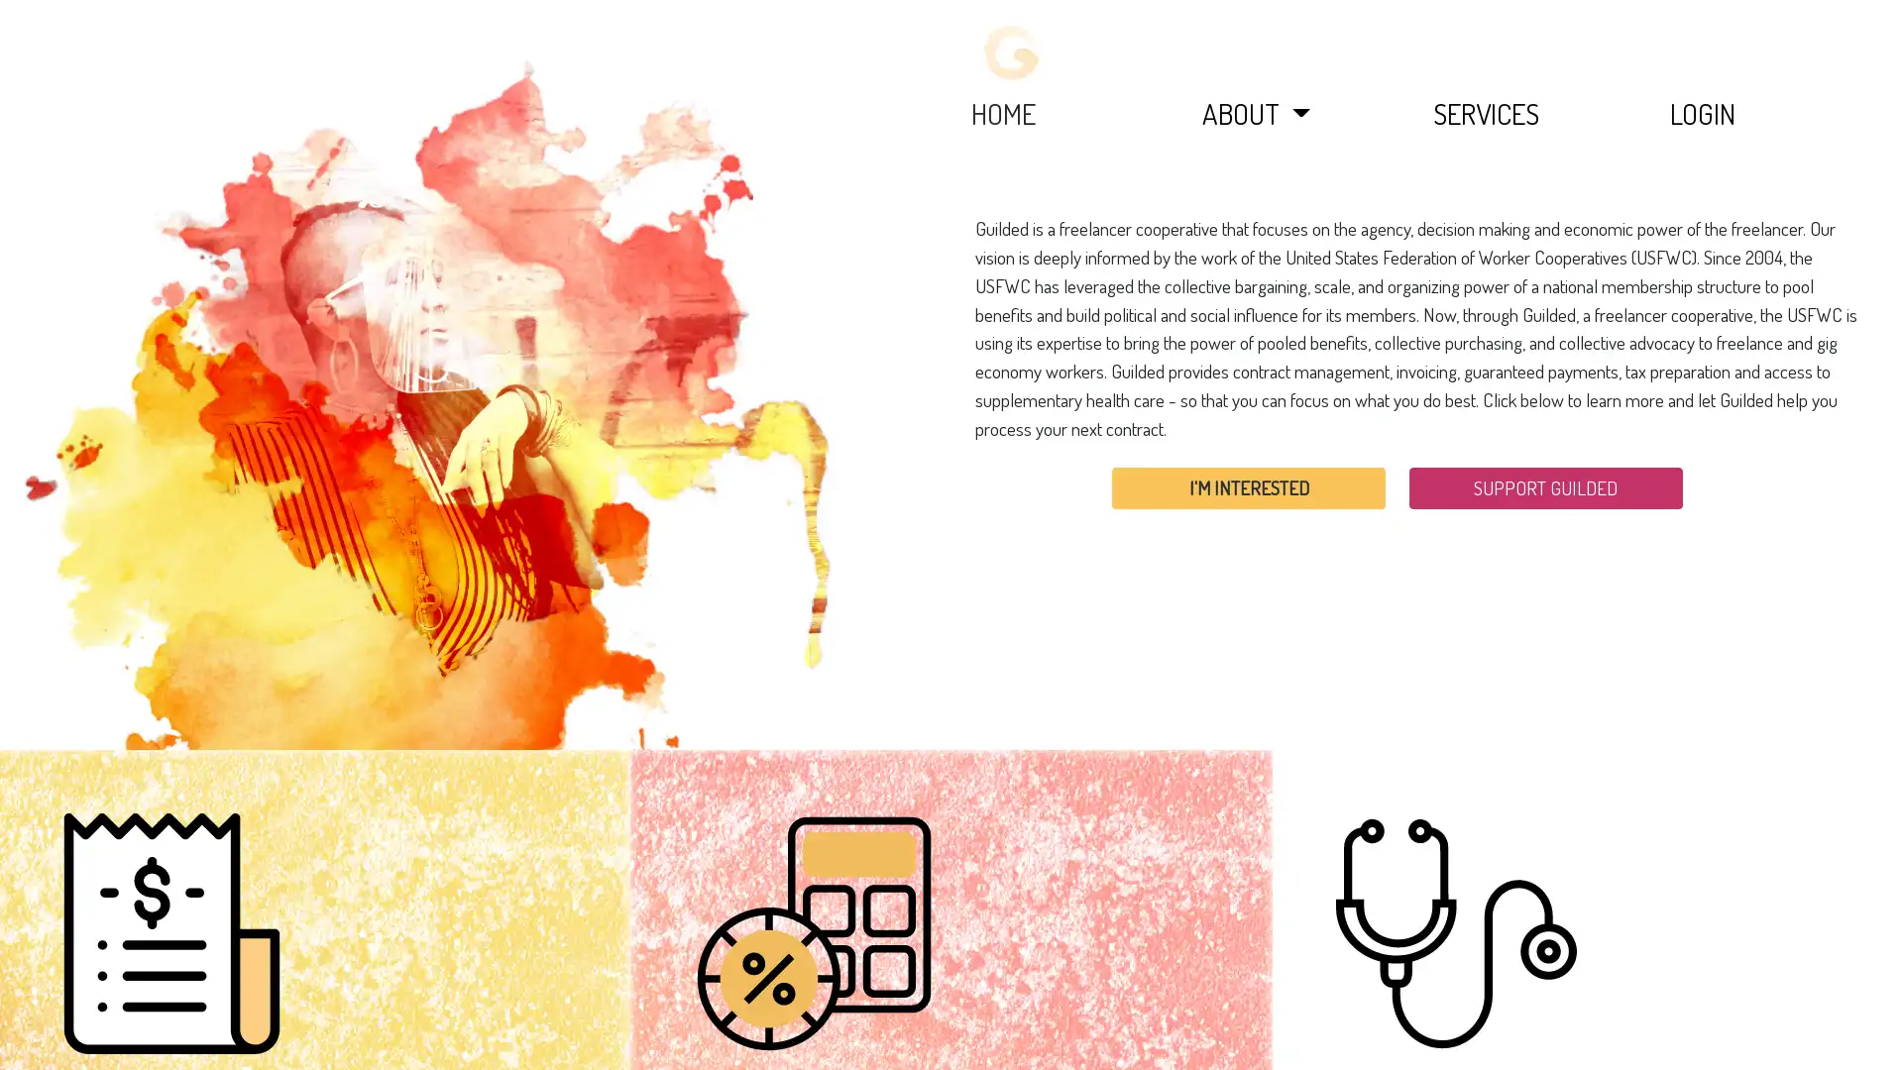 Image resolution: width=1903 pixels, height=1070 pixels. I want to click on Toggle navigation, so click(1012, 53).